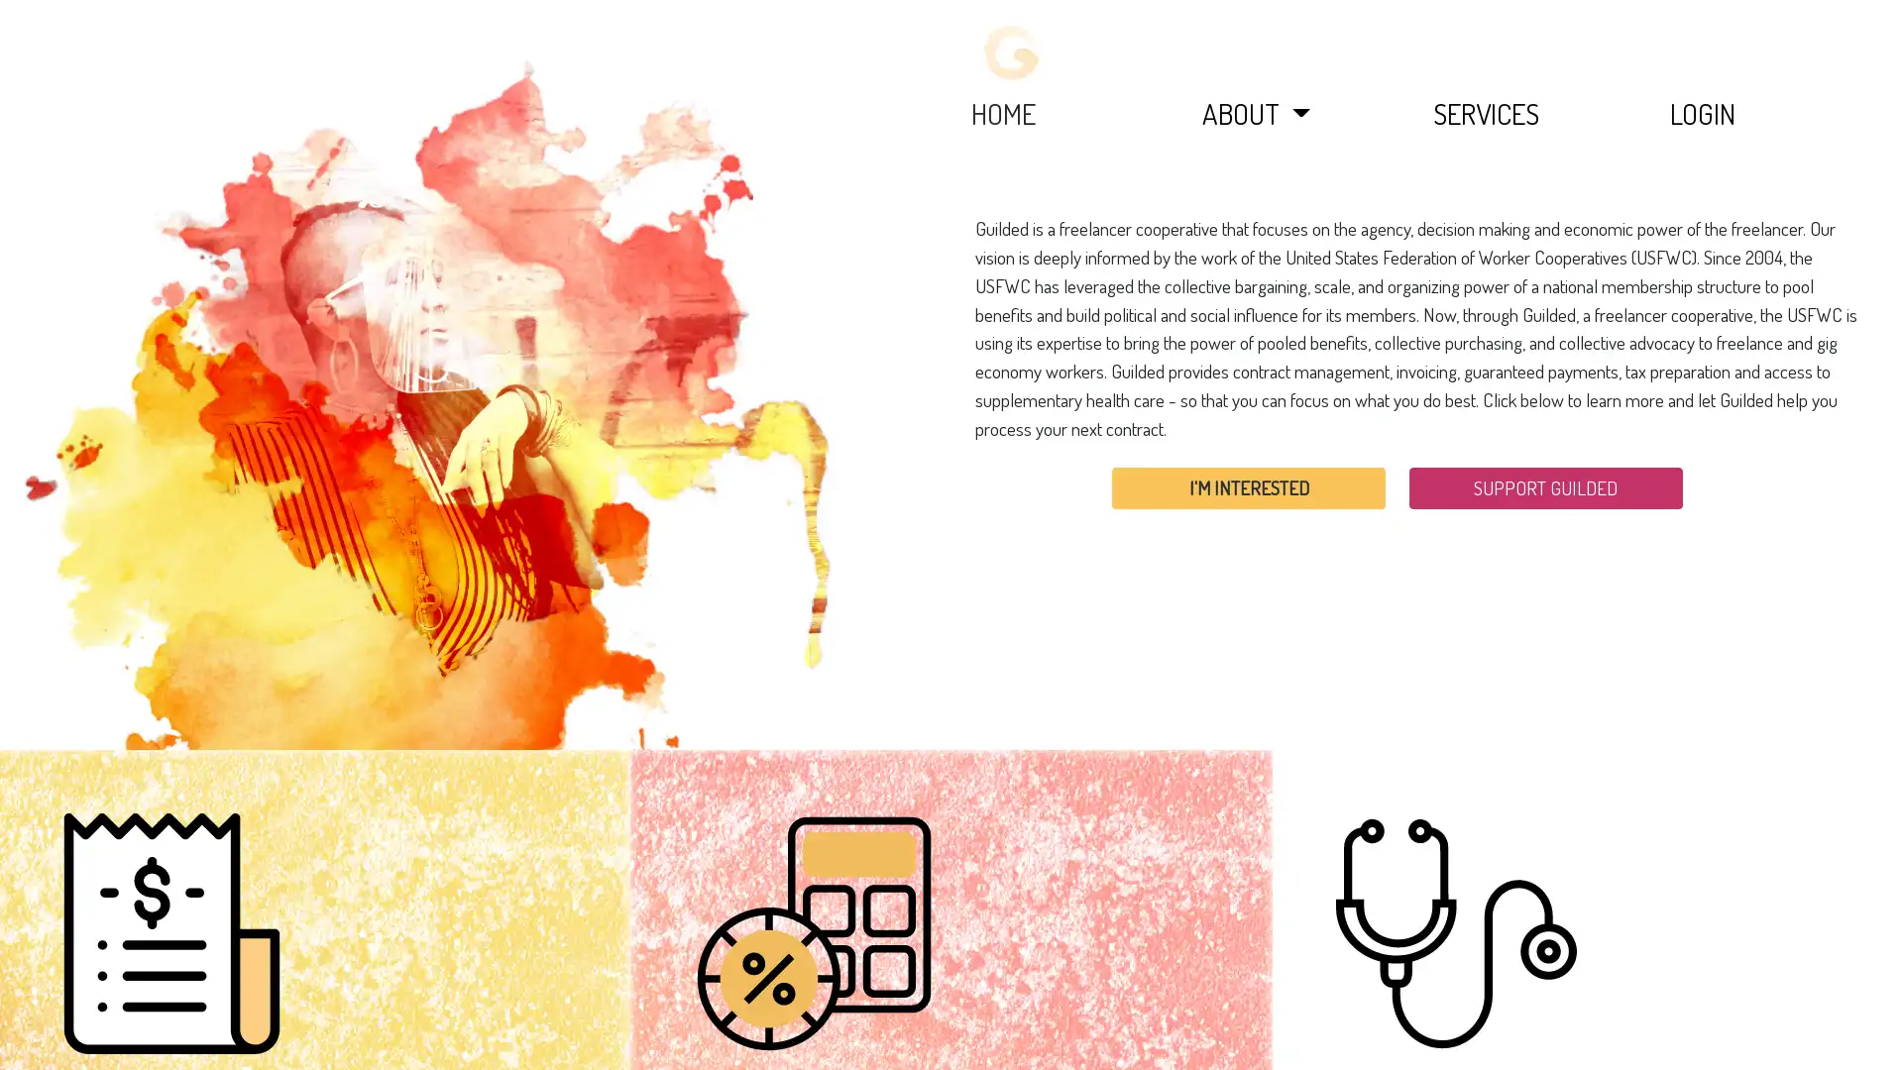 Image resolution: width=1903 pixels, height=1070 pixels. I want to click on Toggle navigation, so click(1012, 53).